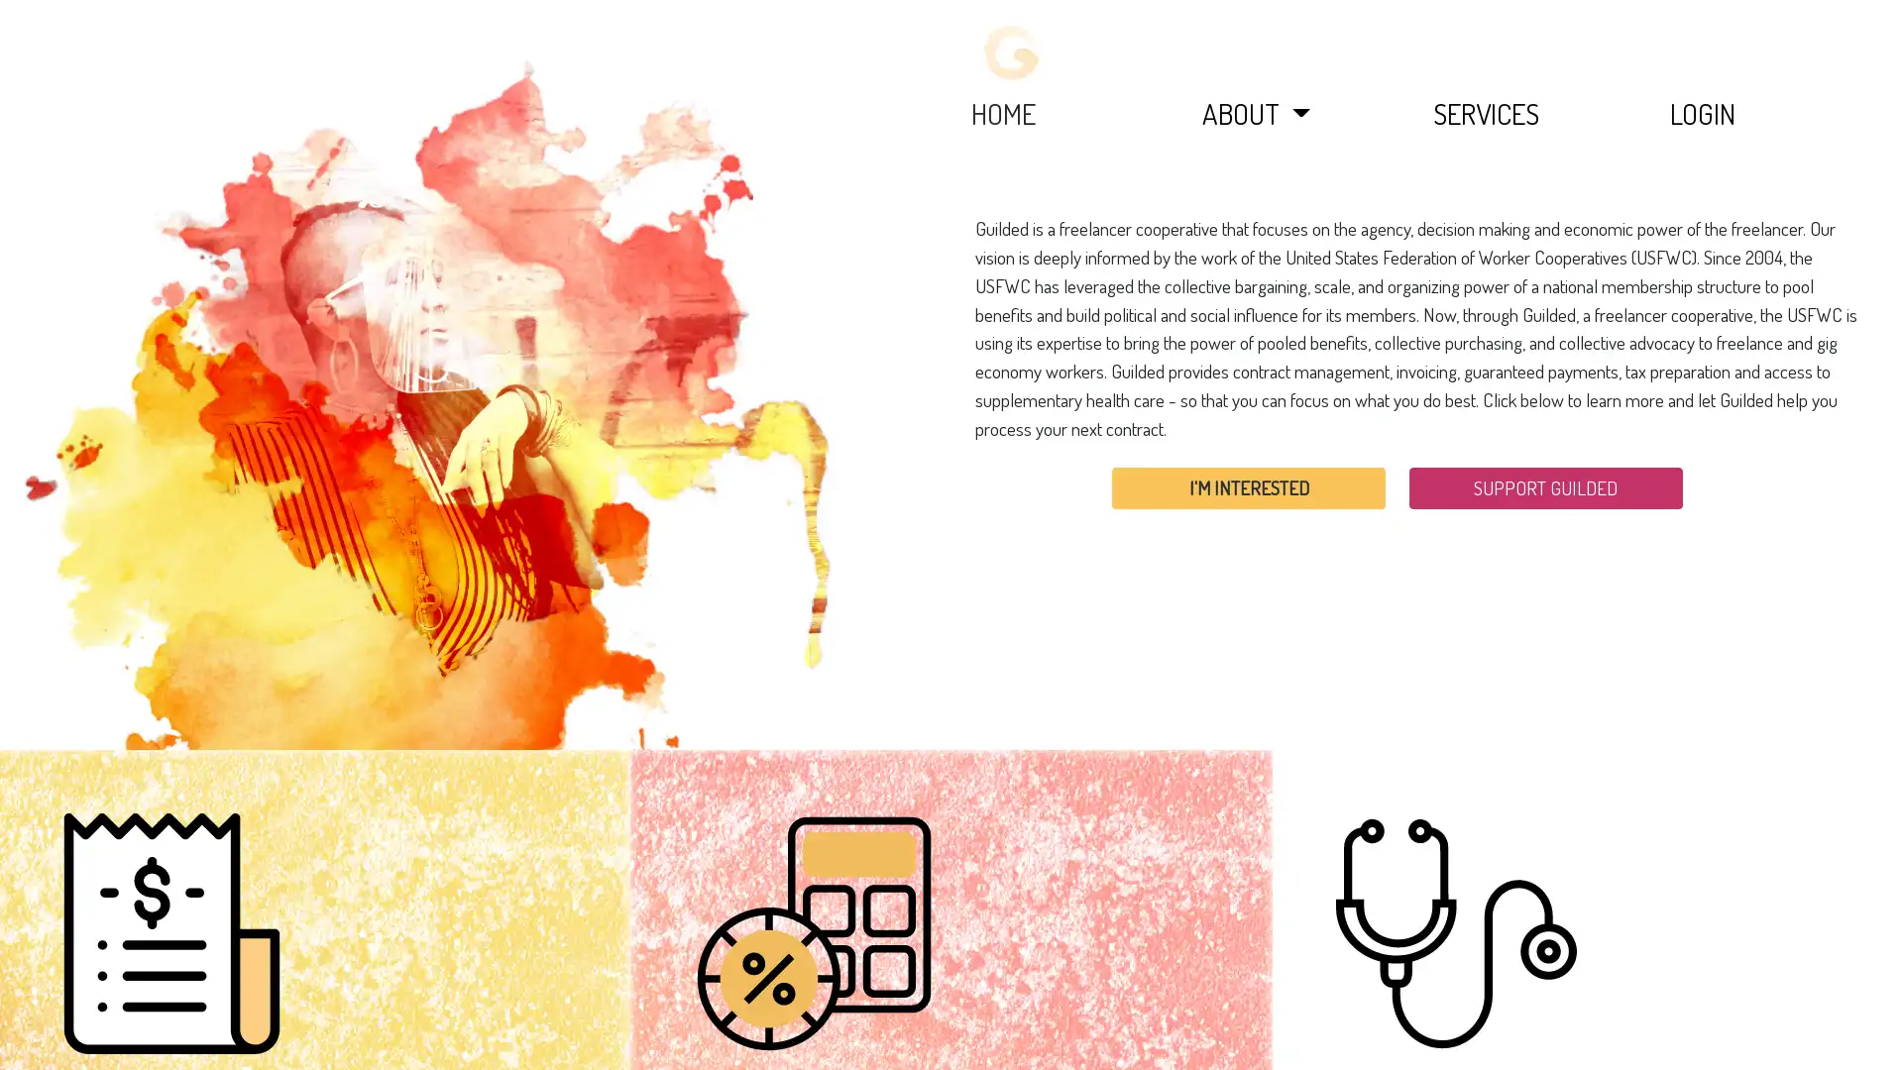 Image resolution: width=1903 pixels, height=1070 pixels. I want to click on Toggle navigation, so click(1012, 53).